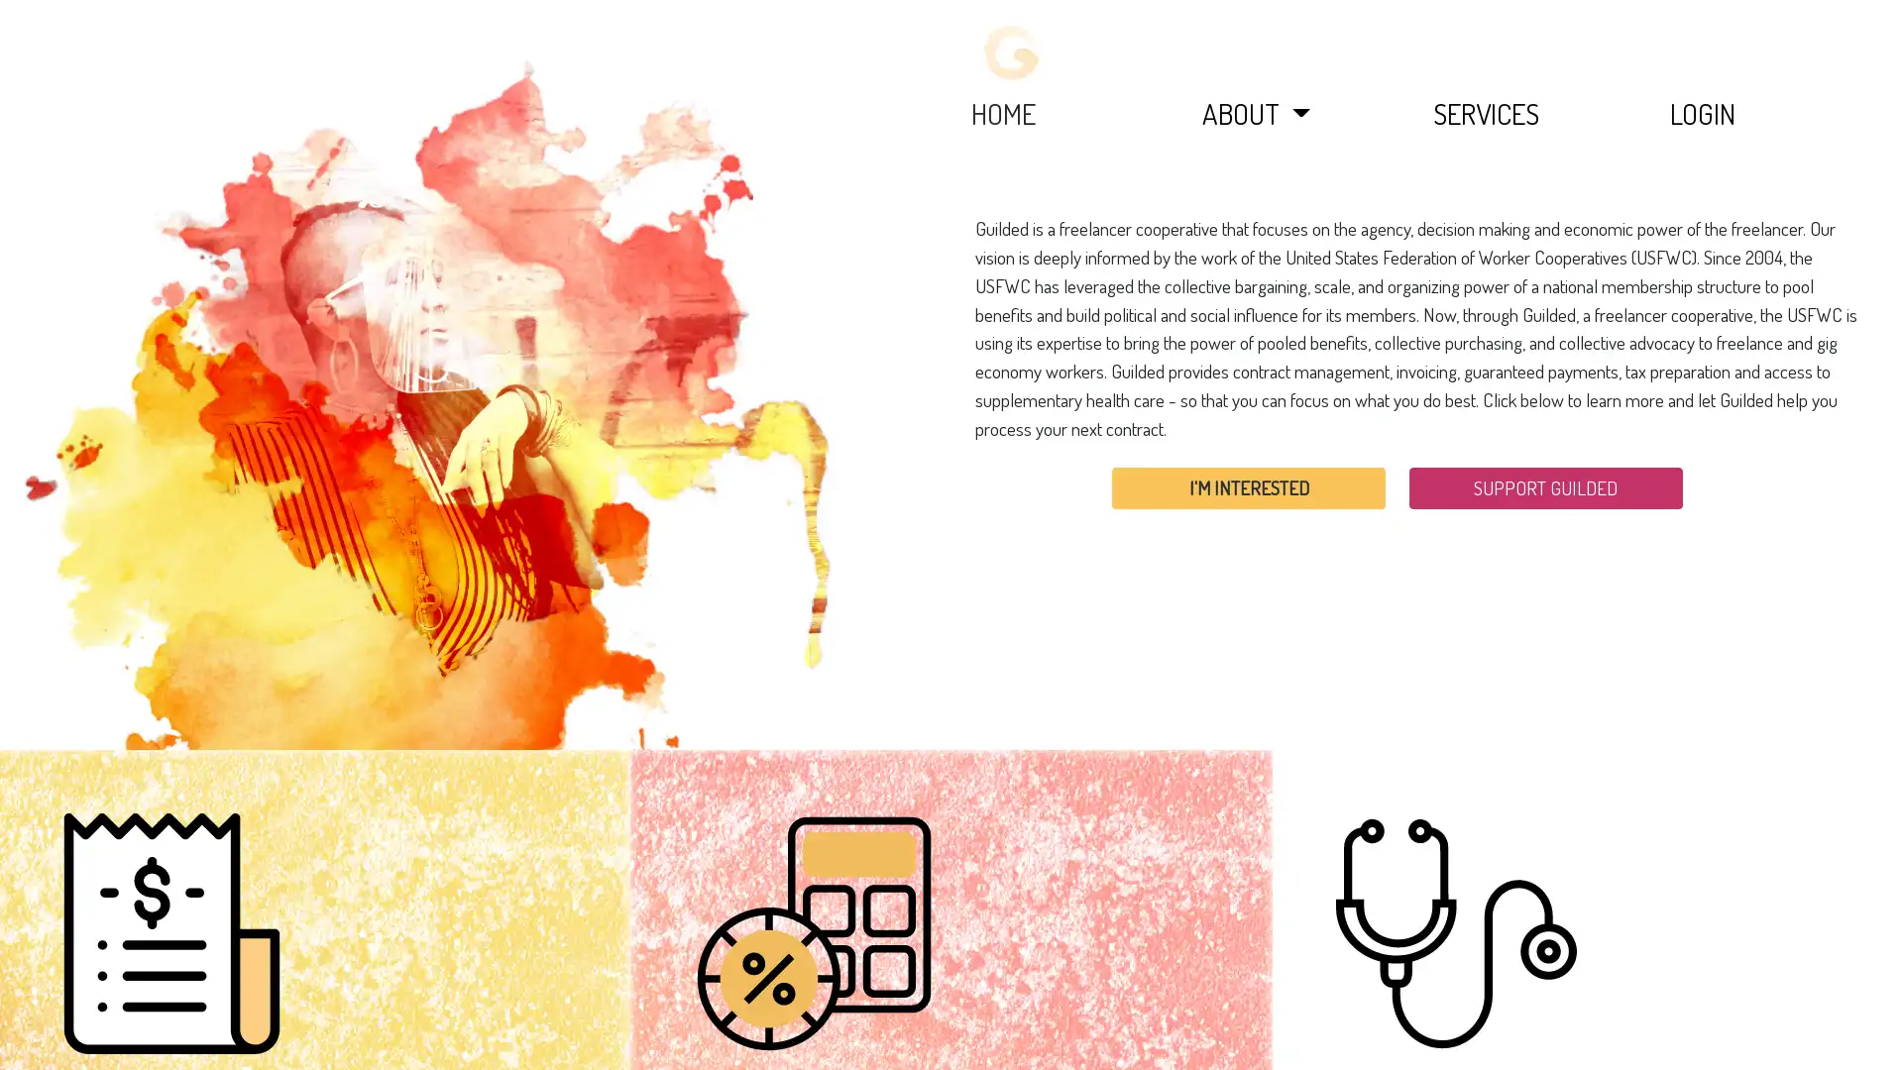 Image resolution: width=1903 pixels, height=1070 pixels. I want to click on Toggle navigation, so click(1012, 53).